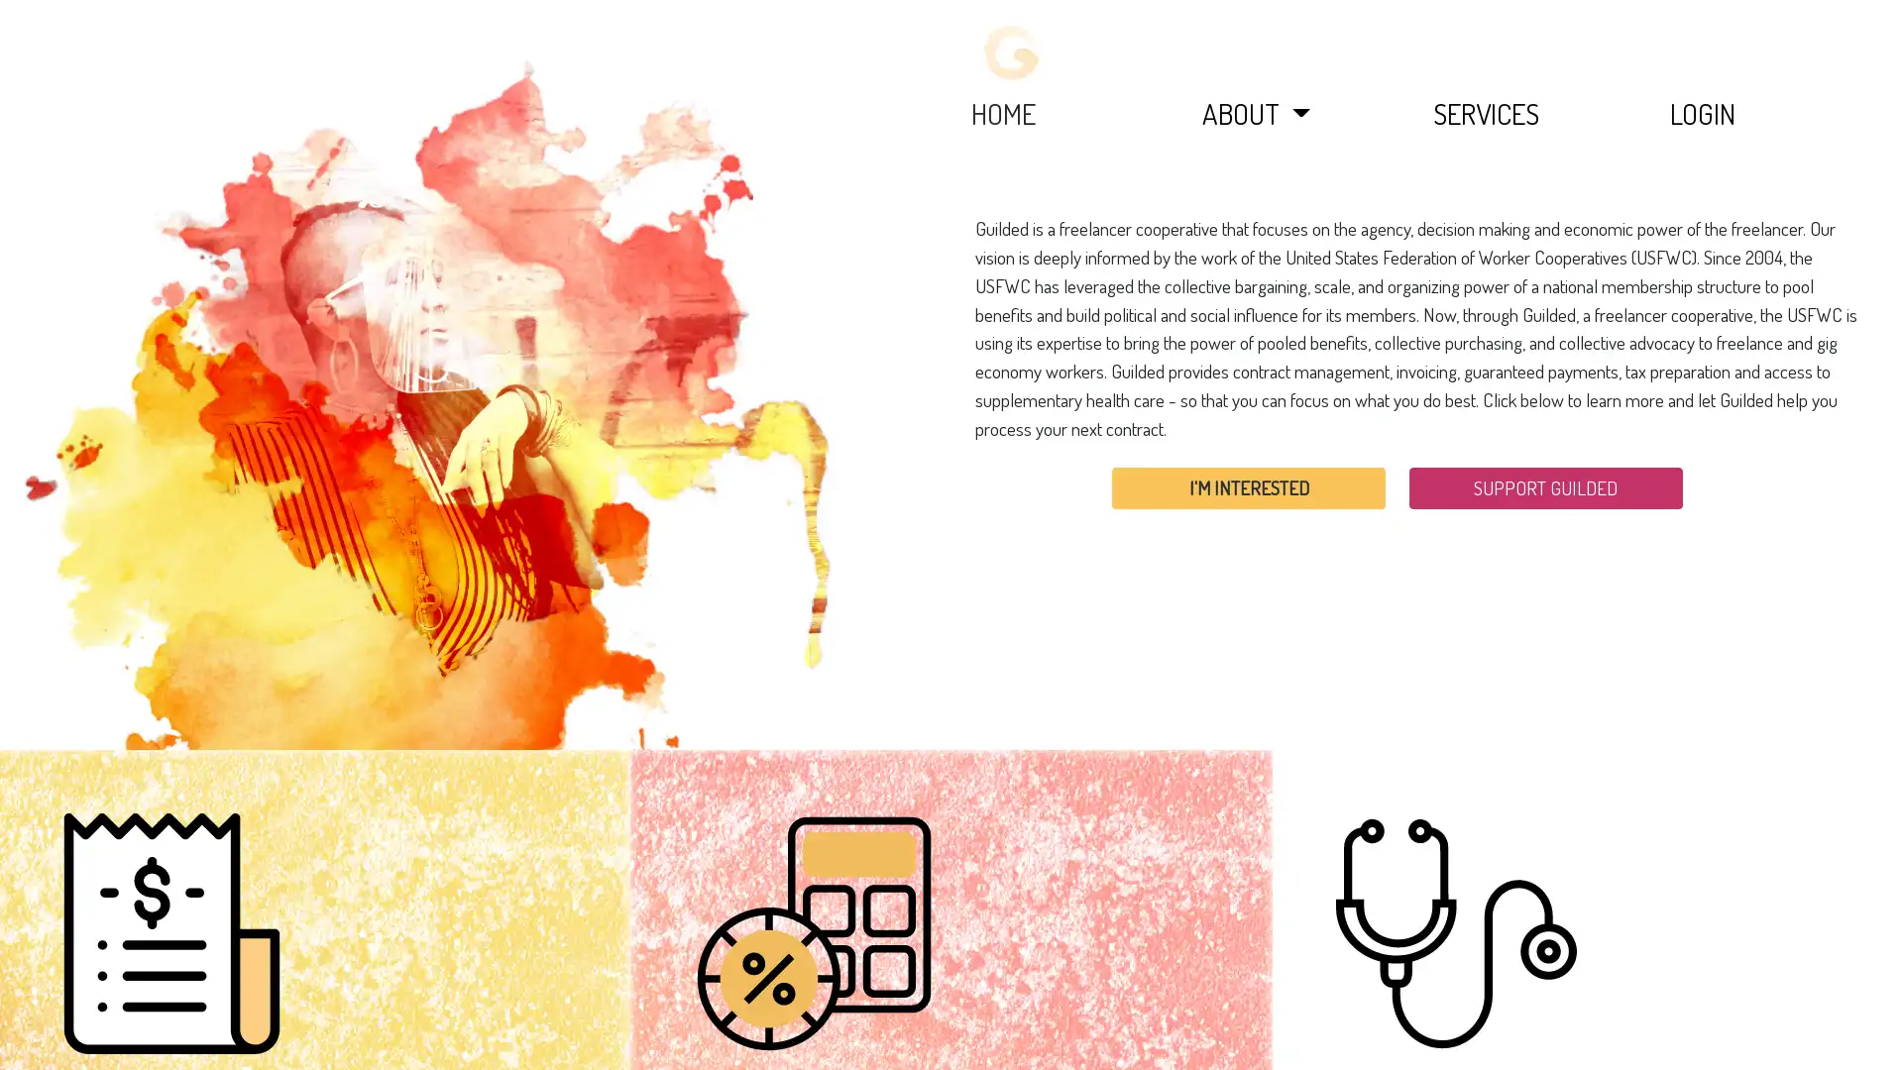 Image resolution: width=1903 pixels, height=1070 pixels. I want to click on Toggle navigation, so click(1012, 53).